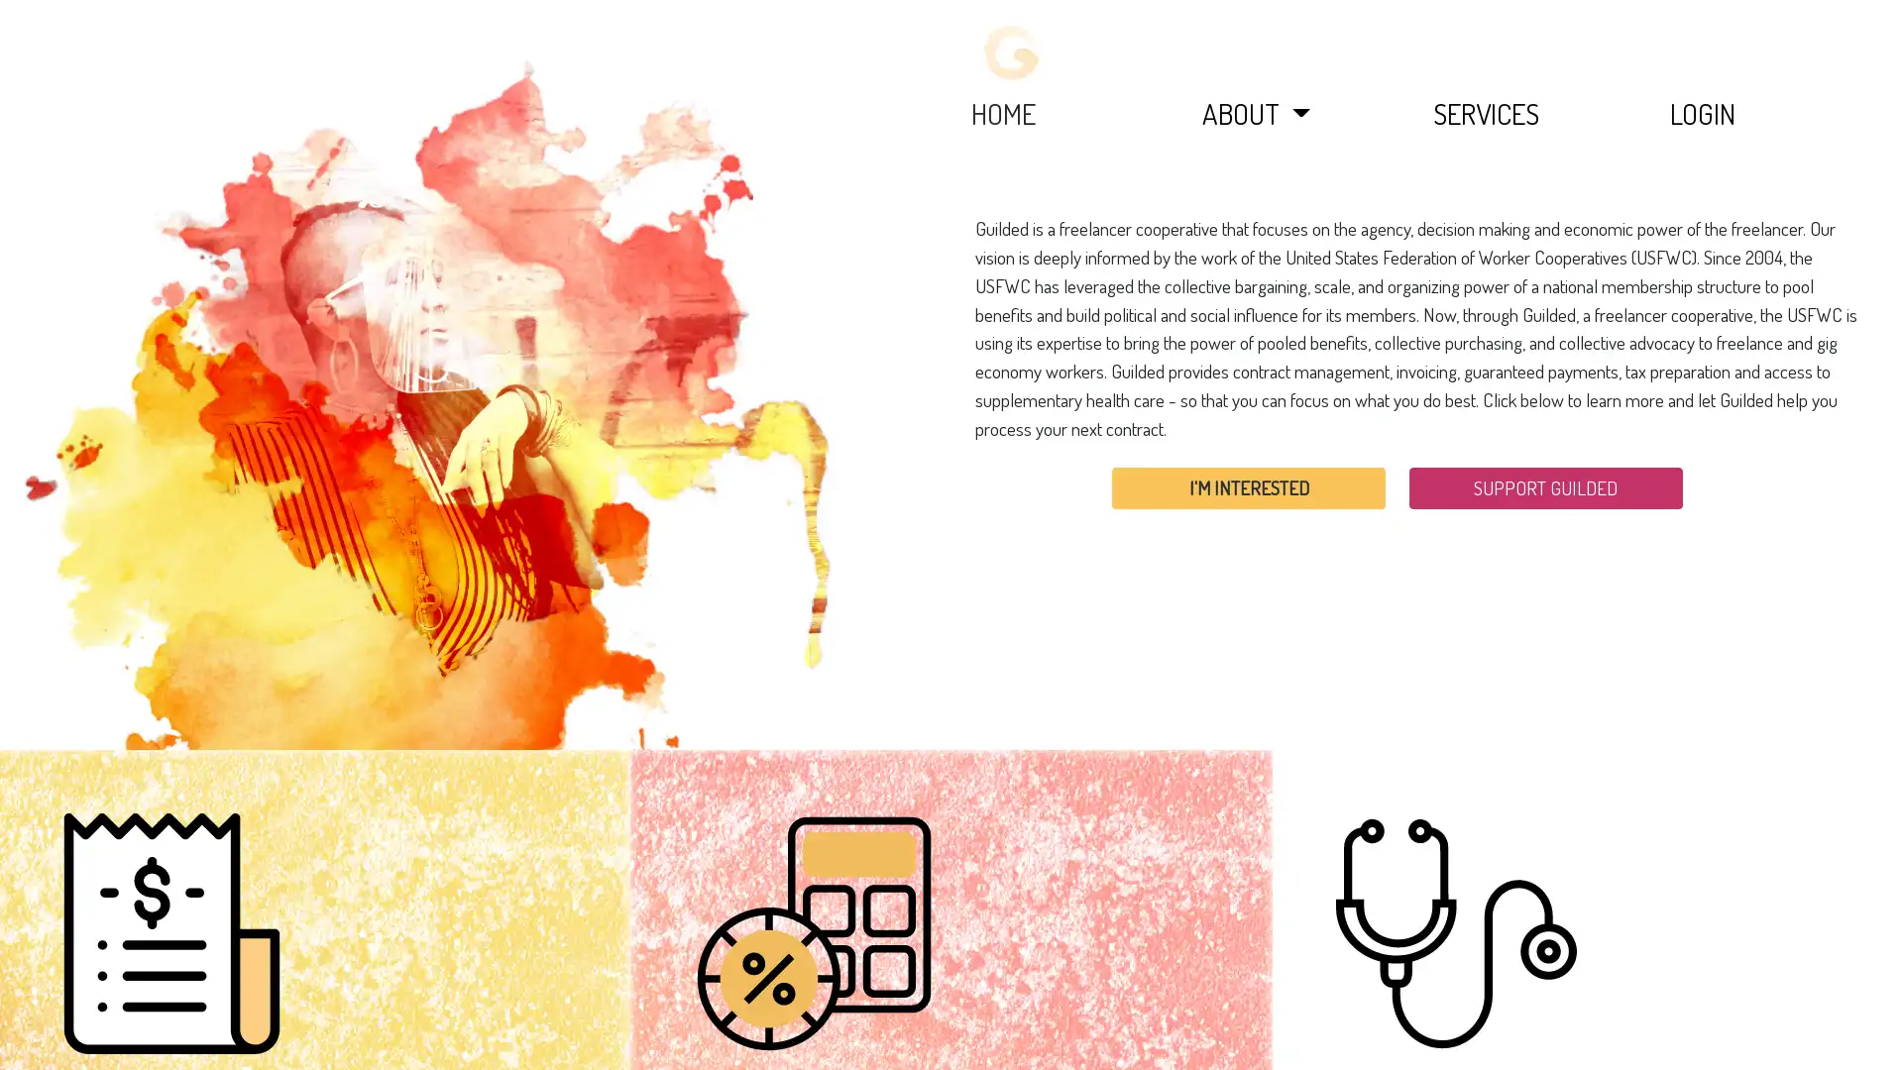 Image resolution: width=1903 pixels, height=1070 pixels. I want to click on Toggle navigation, so click(1012, 53).